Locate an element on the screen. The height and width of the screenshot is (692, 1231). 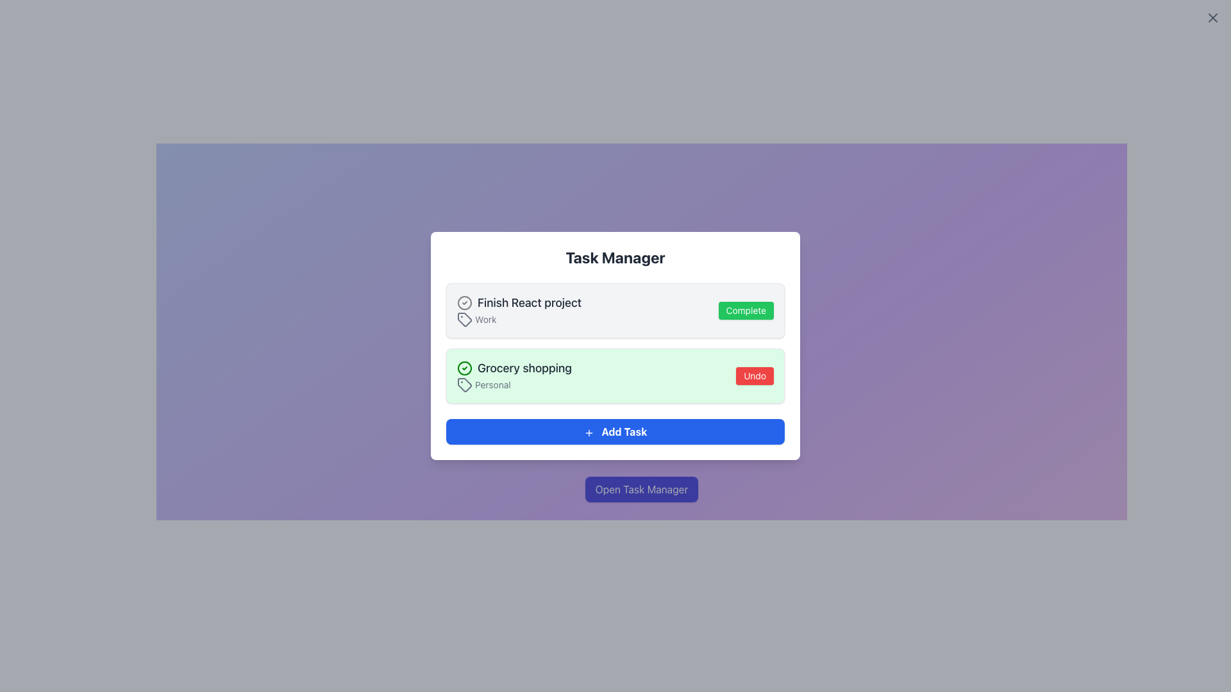
the plus sign icon located within the blue 'Add Task' button, which is positioned near the center-bottom of the interface is located at coordinates (588, 432).